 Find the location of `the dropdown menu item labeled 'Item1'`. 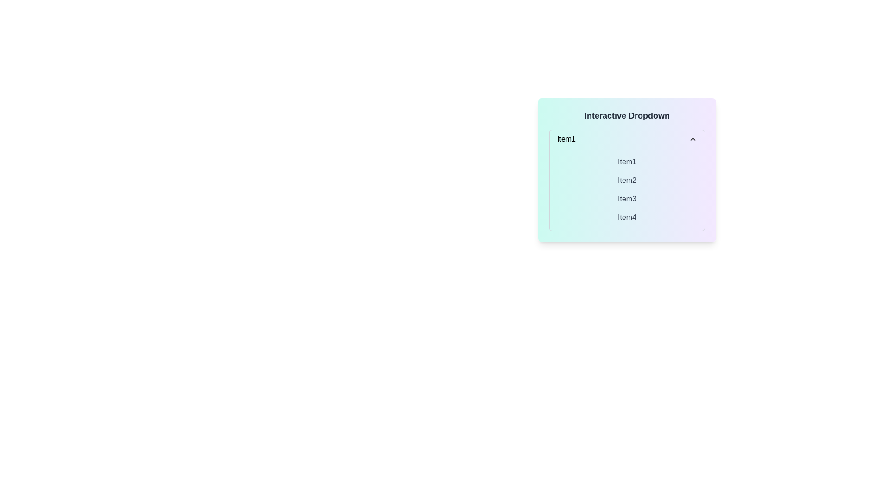

the dropdown menu item labeled 'Item1' is located at coordinates (627, 162).